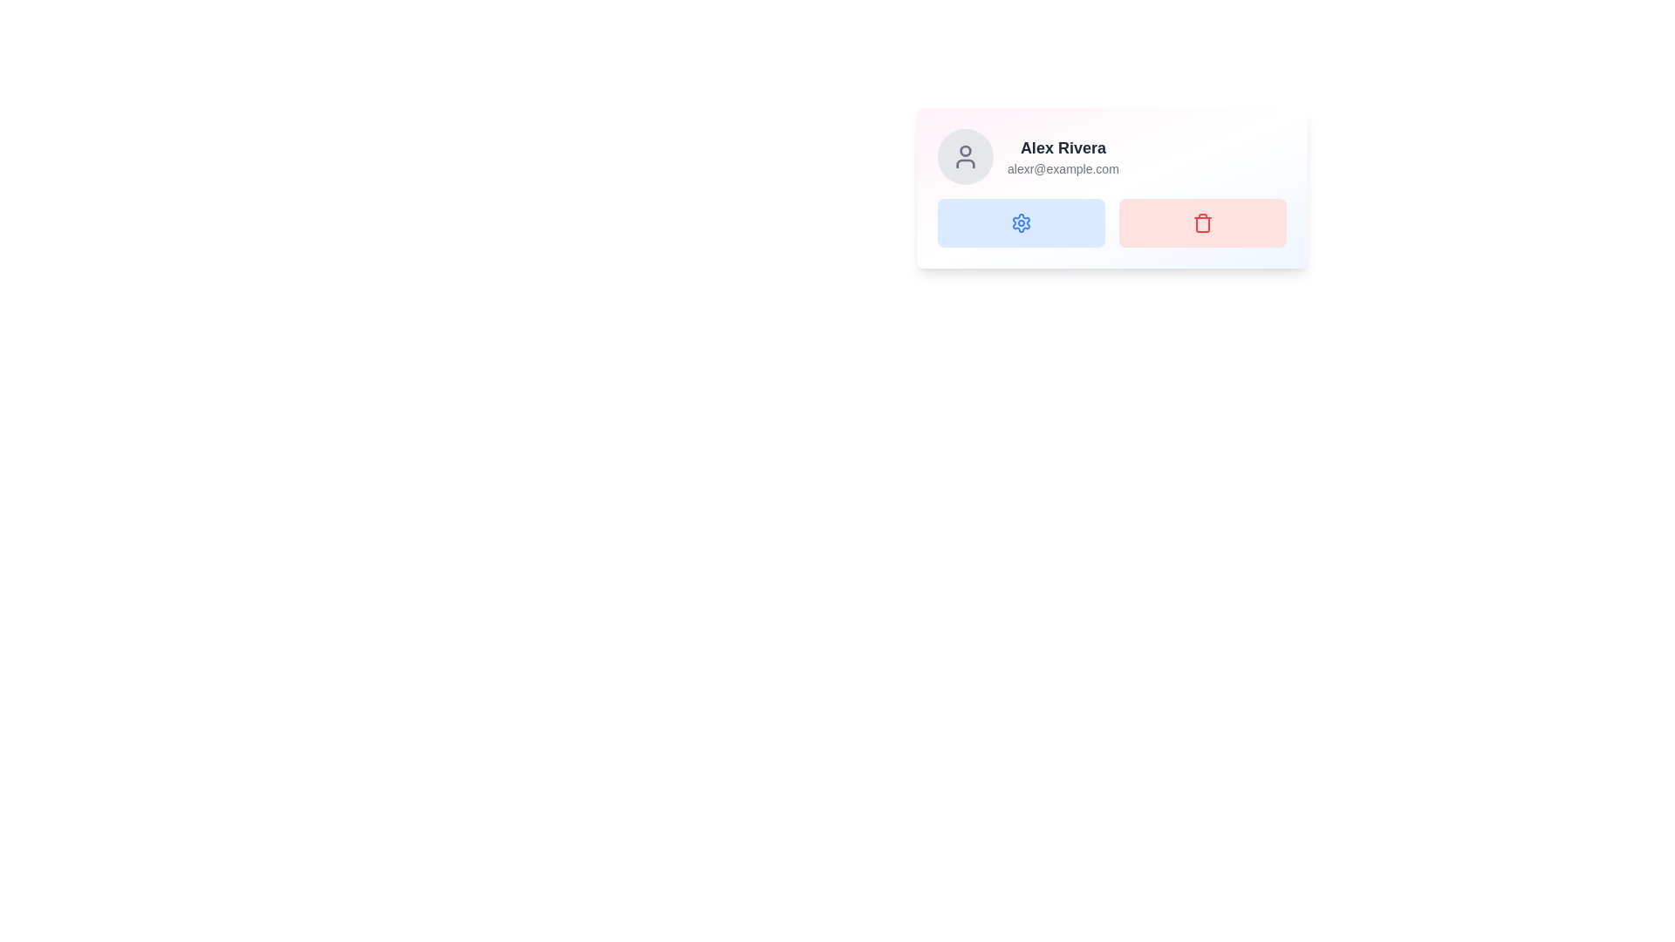 The width and height of the screenshot is (1675, 942). What do you see at coordinates (1022, 222) in the screenshot?
I see `the gear icon` at bounding box center [1022, 222].